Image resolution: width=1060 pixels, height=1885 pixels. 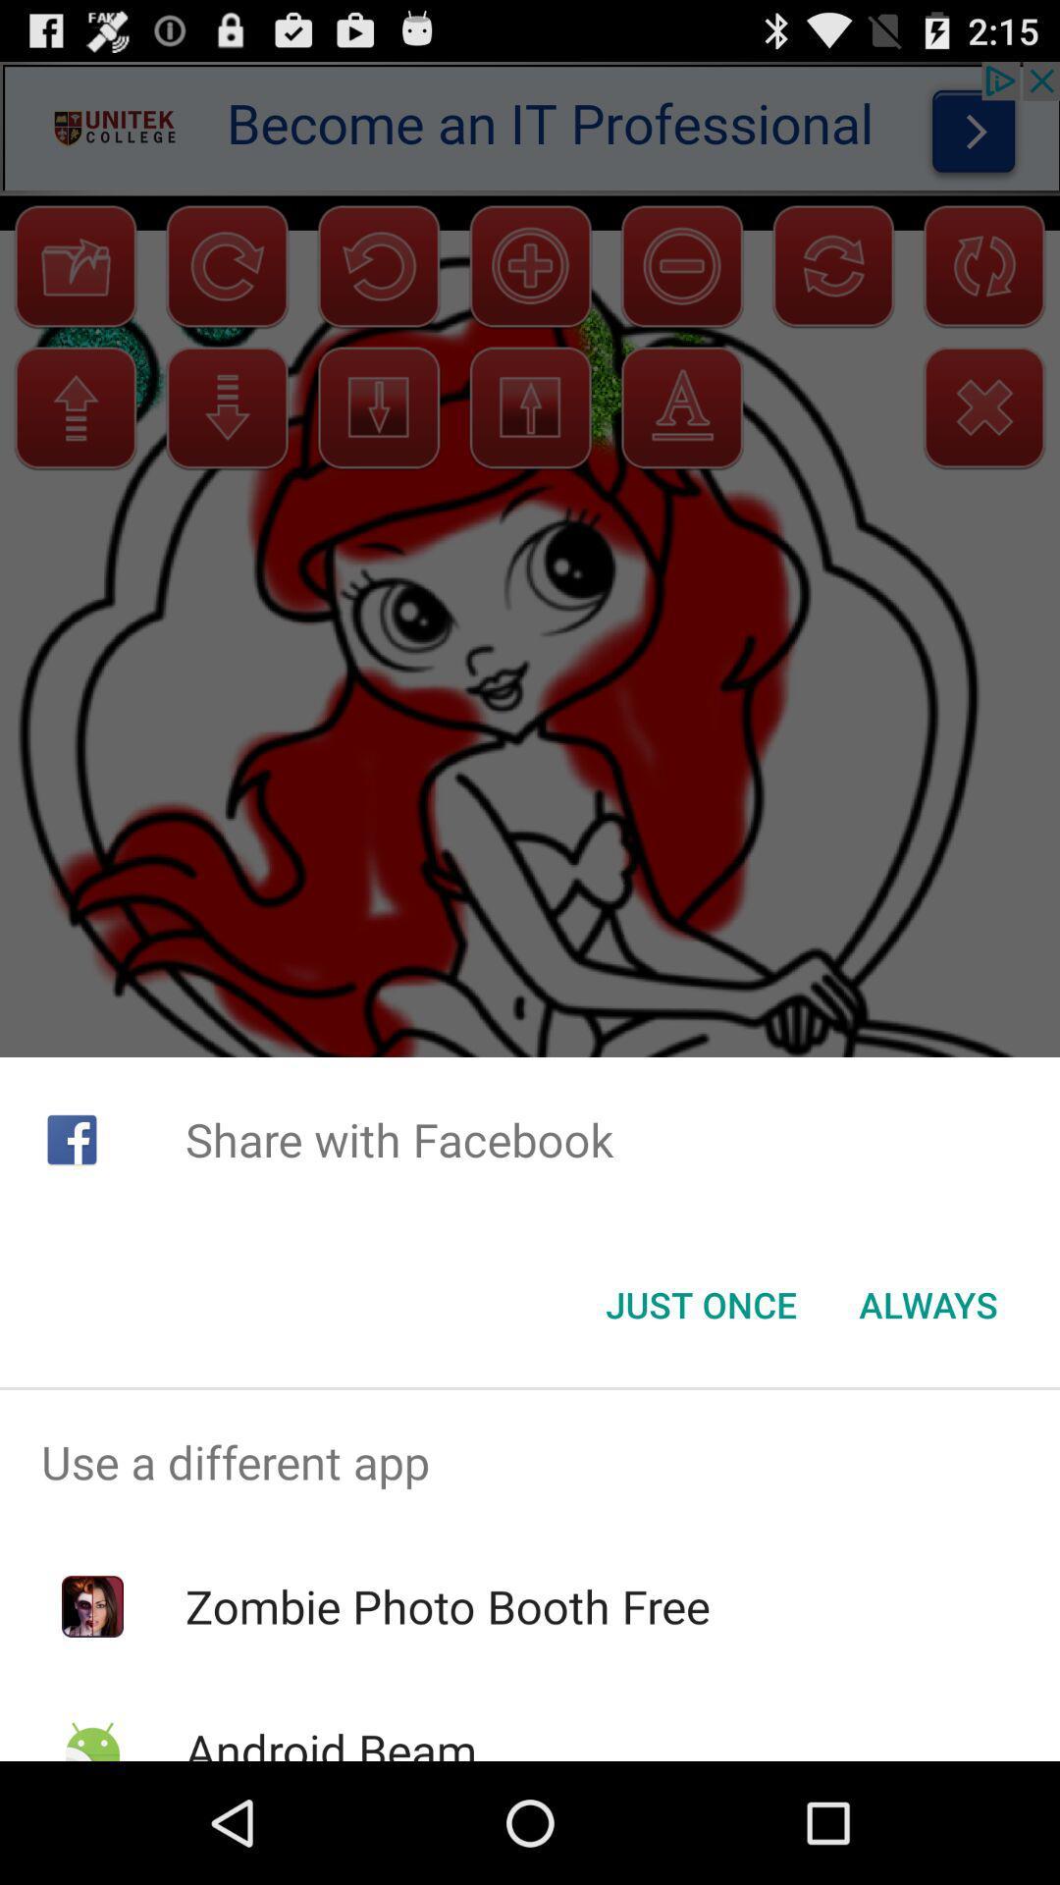 What do you see at coordinates (927, 1305) in the screenshot?
I see `always item` at bounding box center [927, 1305].